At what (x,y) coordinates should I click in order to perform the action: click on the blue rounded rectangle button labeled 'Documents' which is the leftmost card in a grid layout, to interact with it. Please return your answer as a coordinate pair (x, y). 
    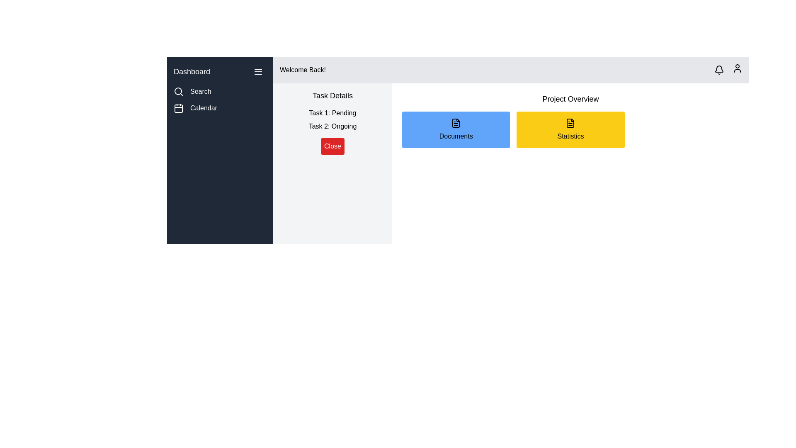
    Looking at the image, I should click on (455, 129).